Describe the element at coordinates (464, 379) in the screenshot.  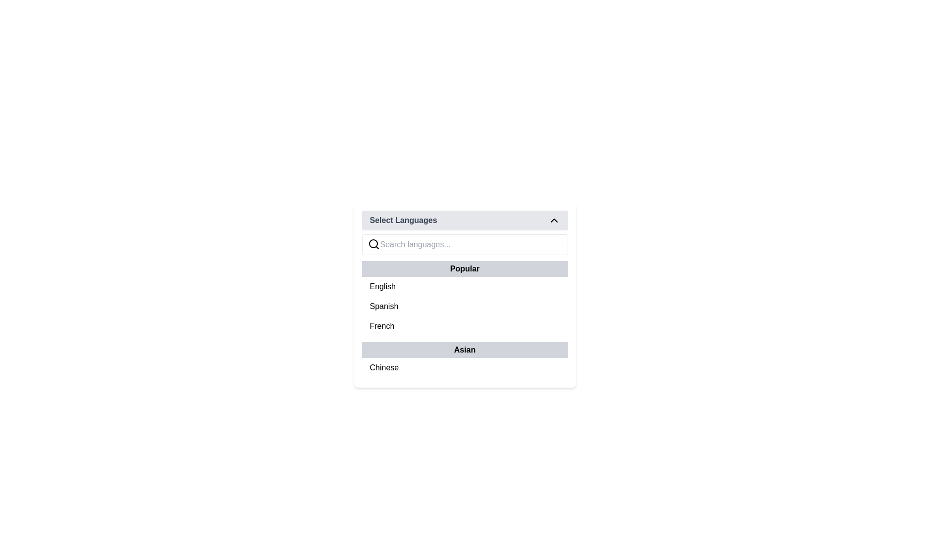
I see `the Asian languages list section, which is the second section` at that location.